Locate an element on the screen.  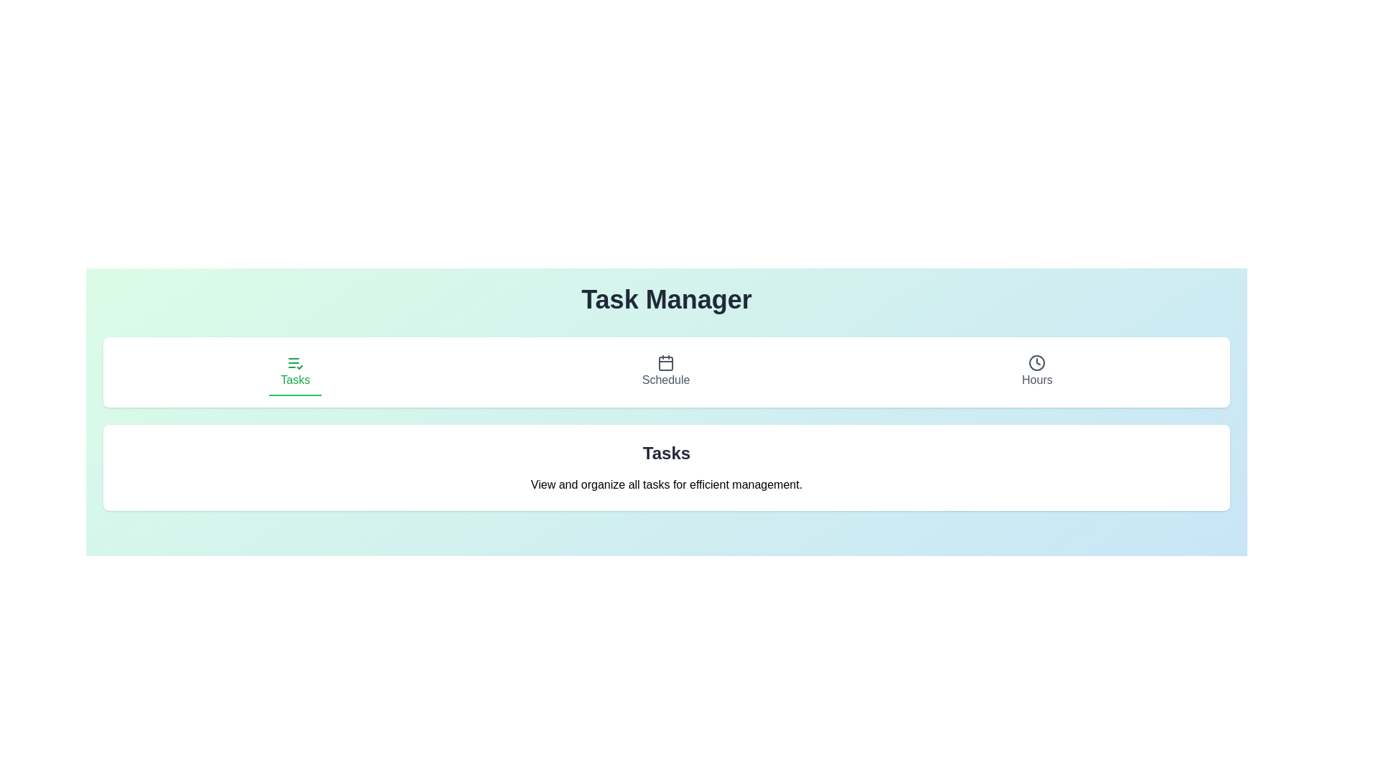
the third button in the horizontal group that provides access to hours-related data or settings is located at coordinates (1037, 372).